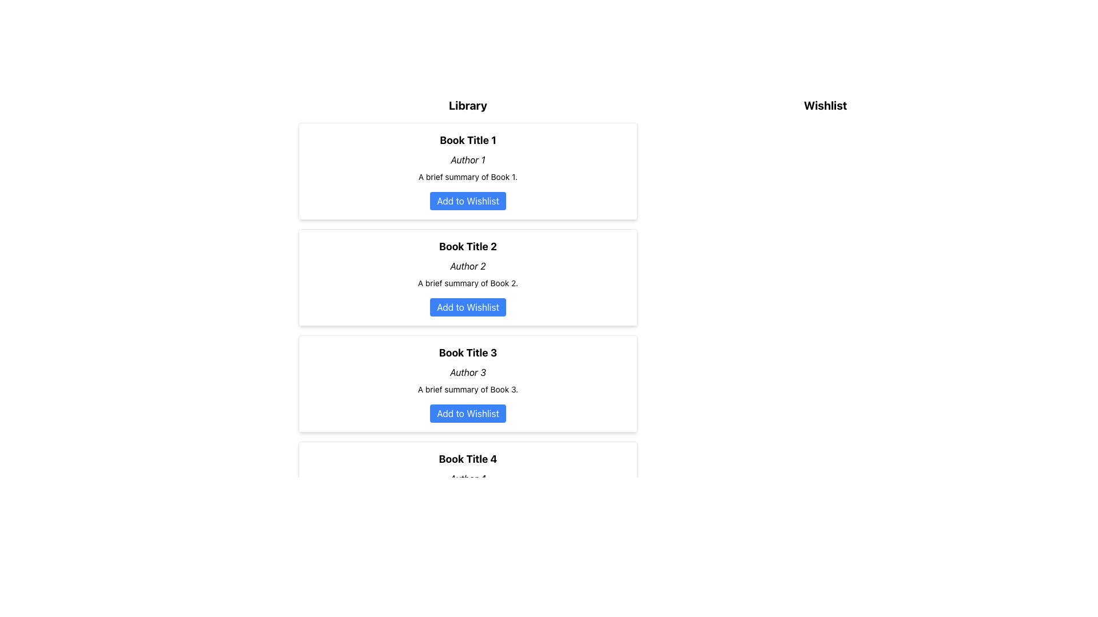 The image size is (1098, 617). What do you see at coordinates (468, 372) in the screenshot?
I see `the author's name label for the book entry, which is located directly below 'Book Title 3' and above the summary text` at bounding box center [468, 372].